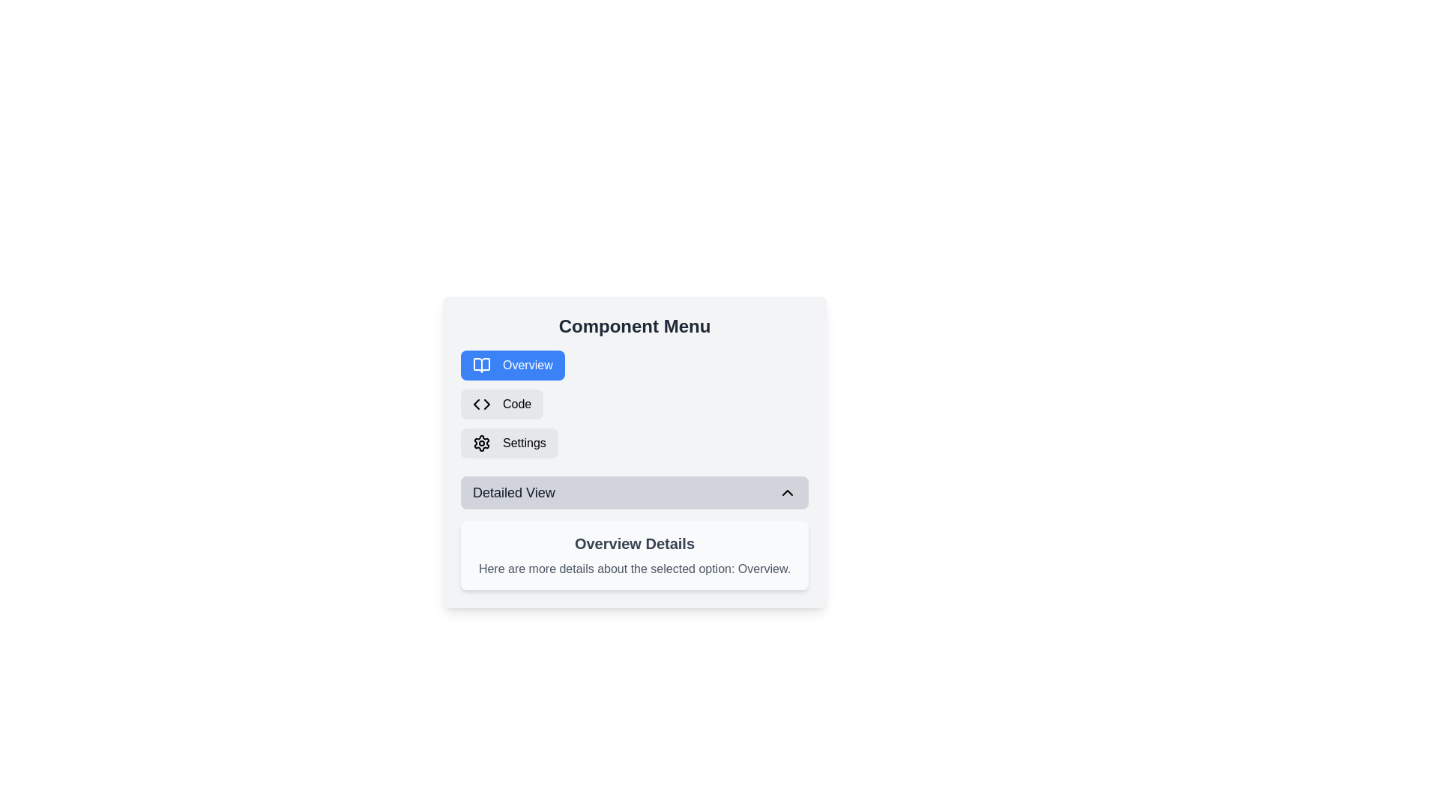  I want to click on the 'Code' icon in the Component Menu, so click(482, 404).